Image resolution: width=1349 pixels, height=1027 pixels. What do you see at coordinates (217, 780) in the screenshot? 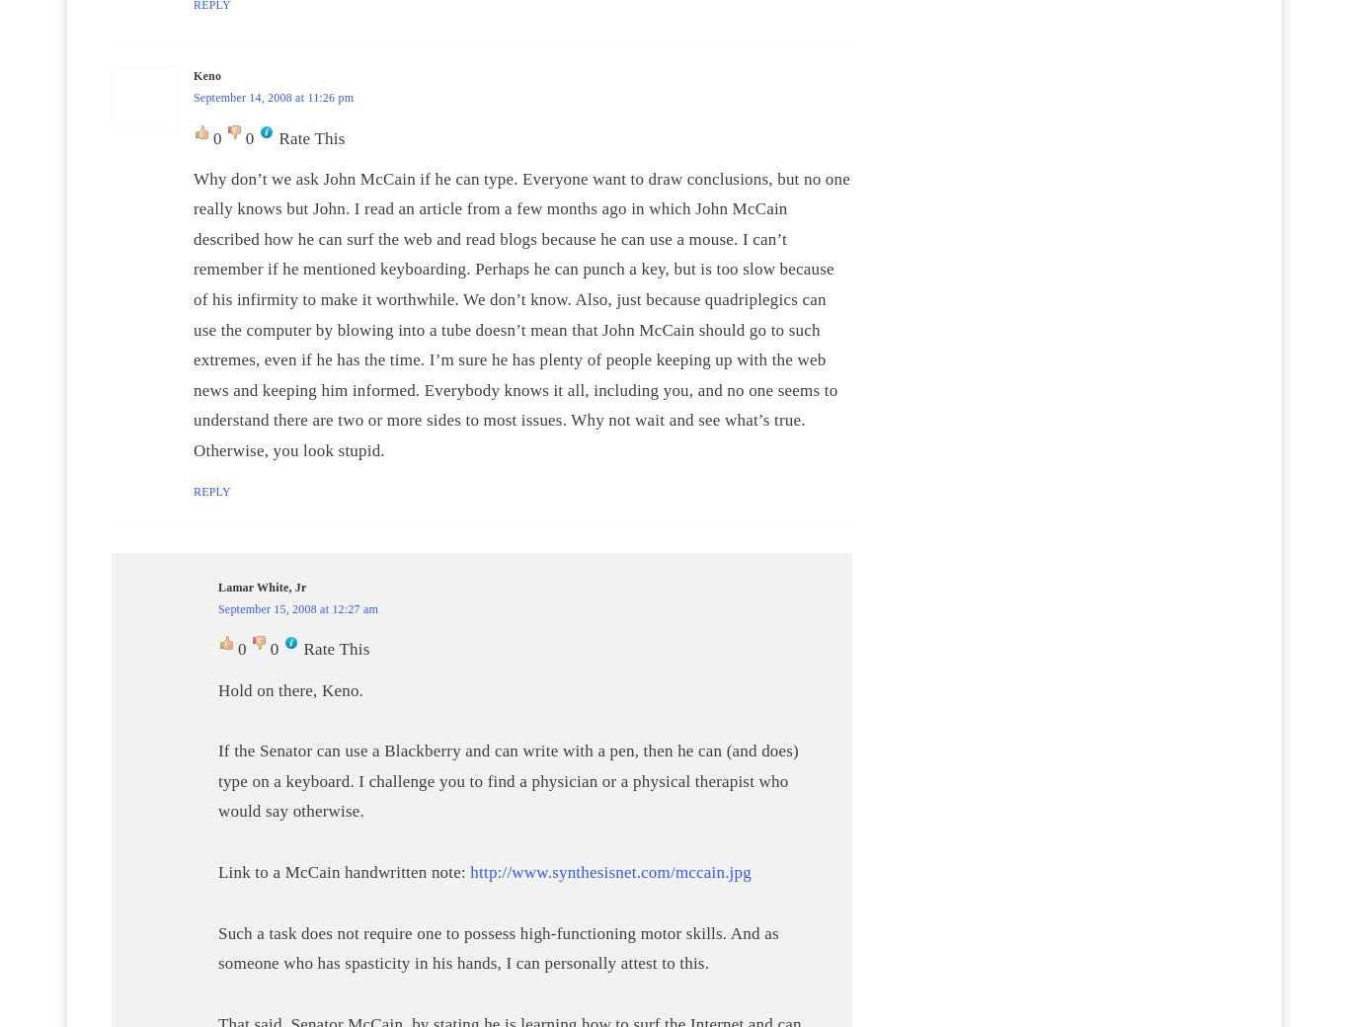
I see `'If the Senator can use a Blackberry and can write with a pen, then he can (and does) type on a keyboard. I challenge you to find a physician or a physical therapist who would say otherwise.'` at bounding box center [217, 780].